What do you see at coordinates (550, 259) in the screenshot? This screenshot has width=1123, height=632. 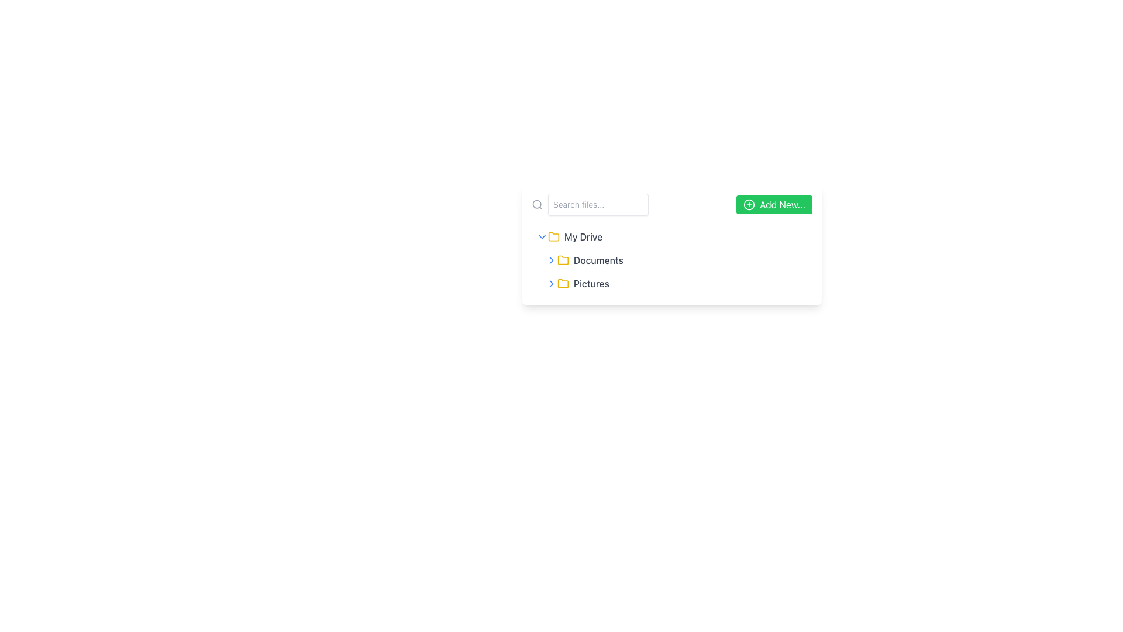 I see `the chevron icon` at bounding box center [550, 259].